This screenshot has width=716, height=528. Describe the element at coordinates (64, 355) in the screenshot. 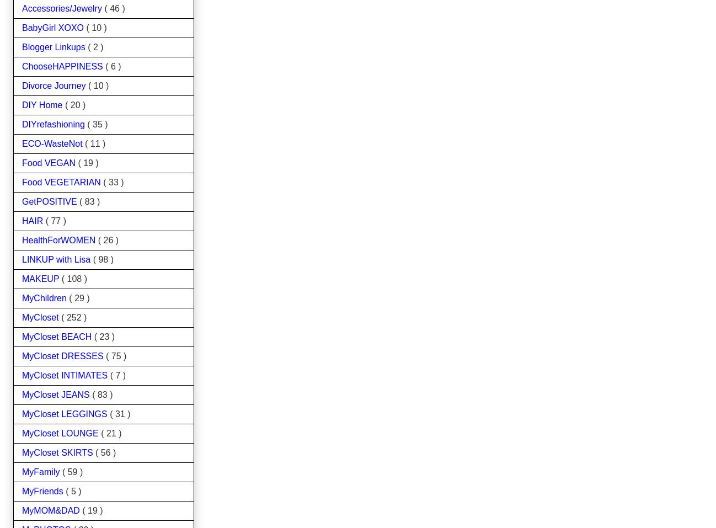

I see `'MyCloset DRESSES'` at that location.